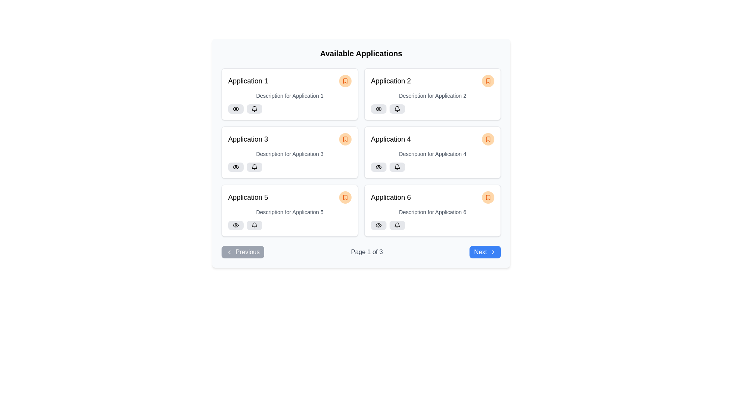  I want to click on the bookmarking button located to the right of the text 'Application 1' to bookmark the associated item, so click(345, 81).